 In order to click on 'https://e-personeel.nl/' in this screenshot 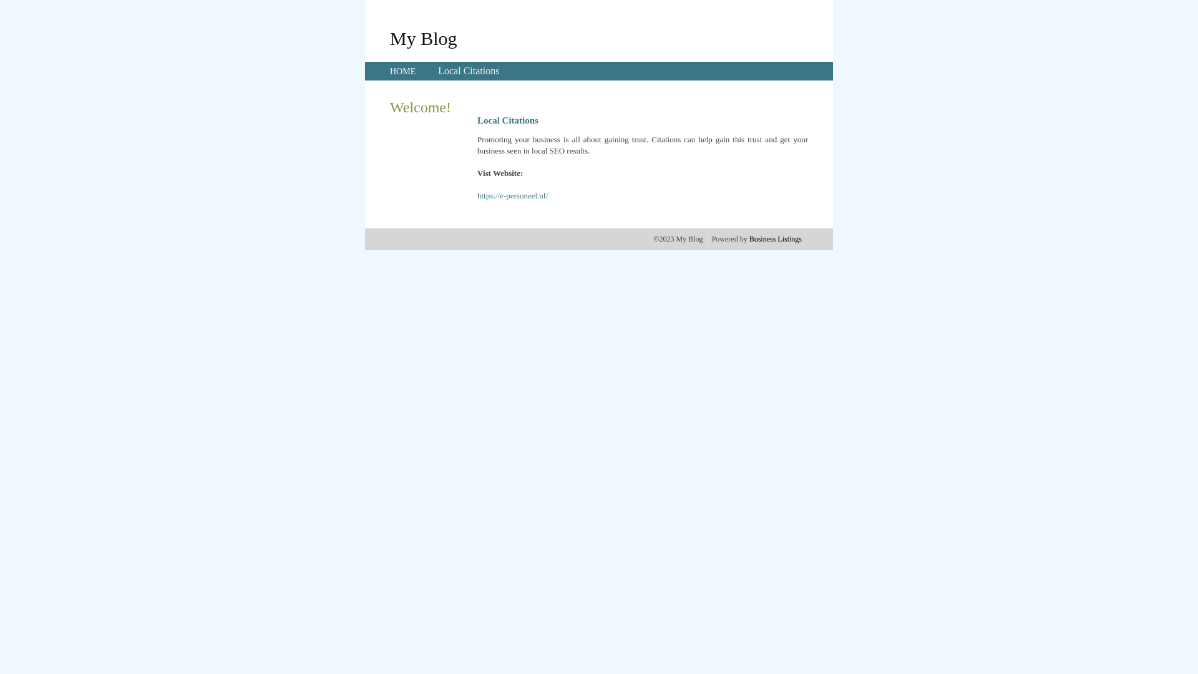, I will do `click(476, 195)`.